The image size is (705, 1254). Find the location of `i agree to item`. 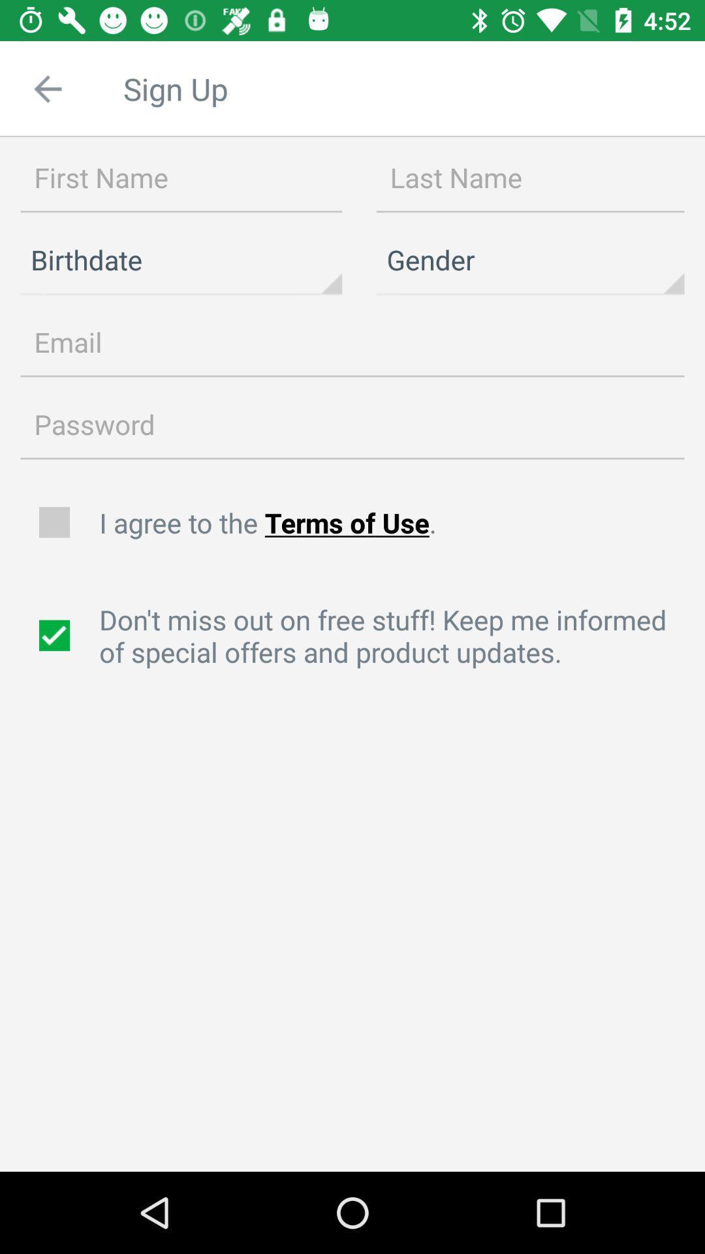

i agree to item is located at coordinates (394, 522).